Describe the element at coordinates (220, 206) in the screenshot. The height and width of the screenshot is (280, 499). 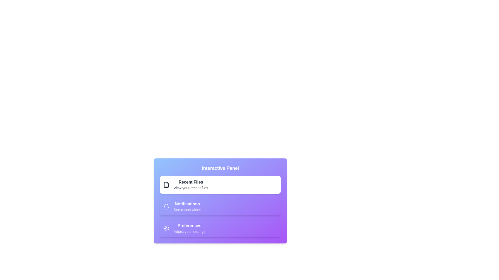
I see `the section titled Notifications to view its tooltip` at that location.